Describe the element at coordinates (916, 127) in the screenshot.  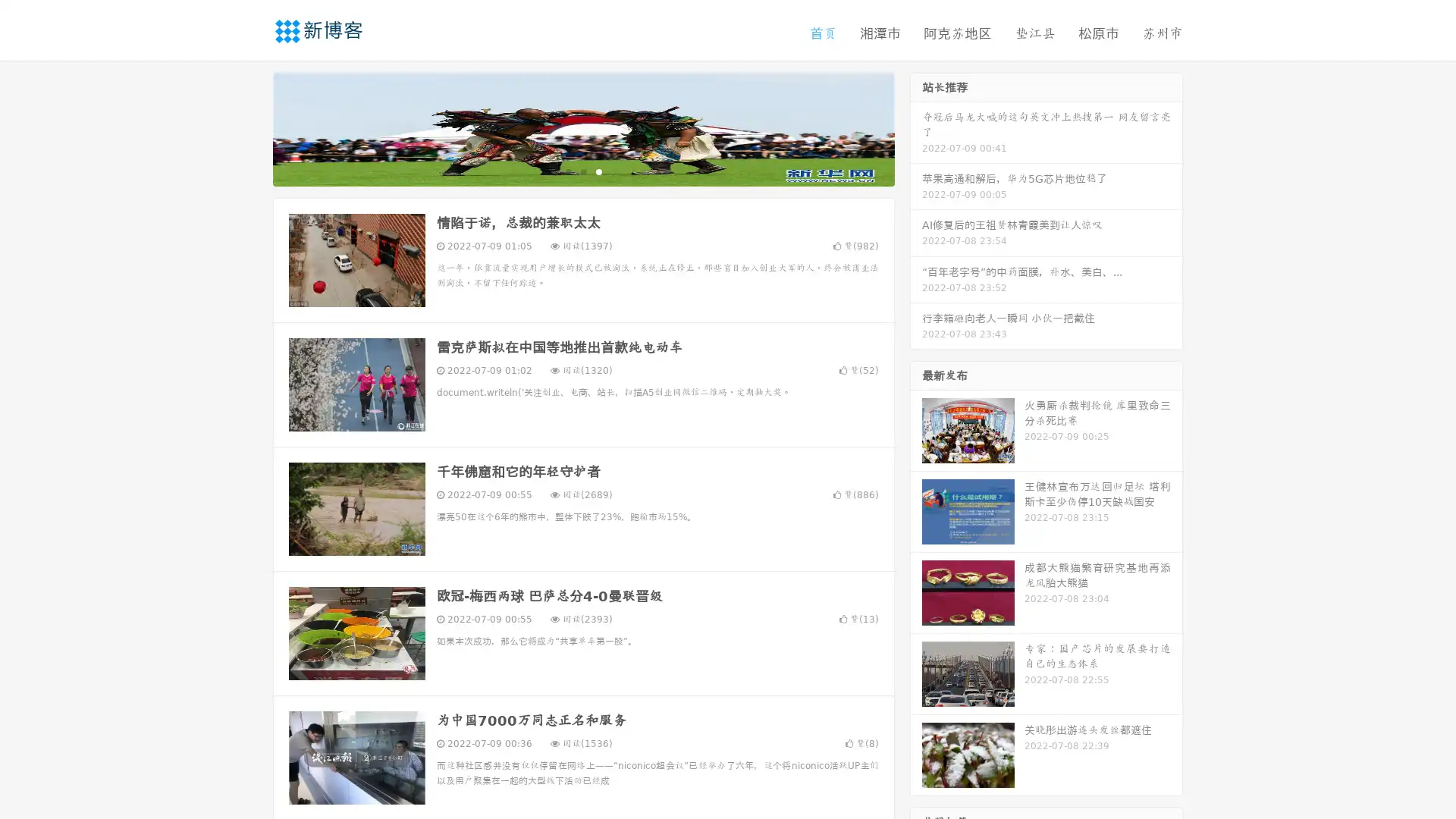
I see `Next slide` at that location.